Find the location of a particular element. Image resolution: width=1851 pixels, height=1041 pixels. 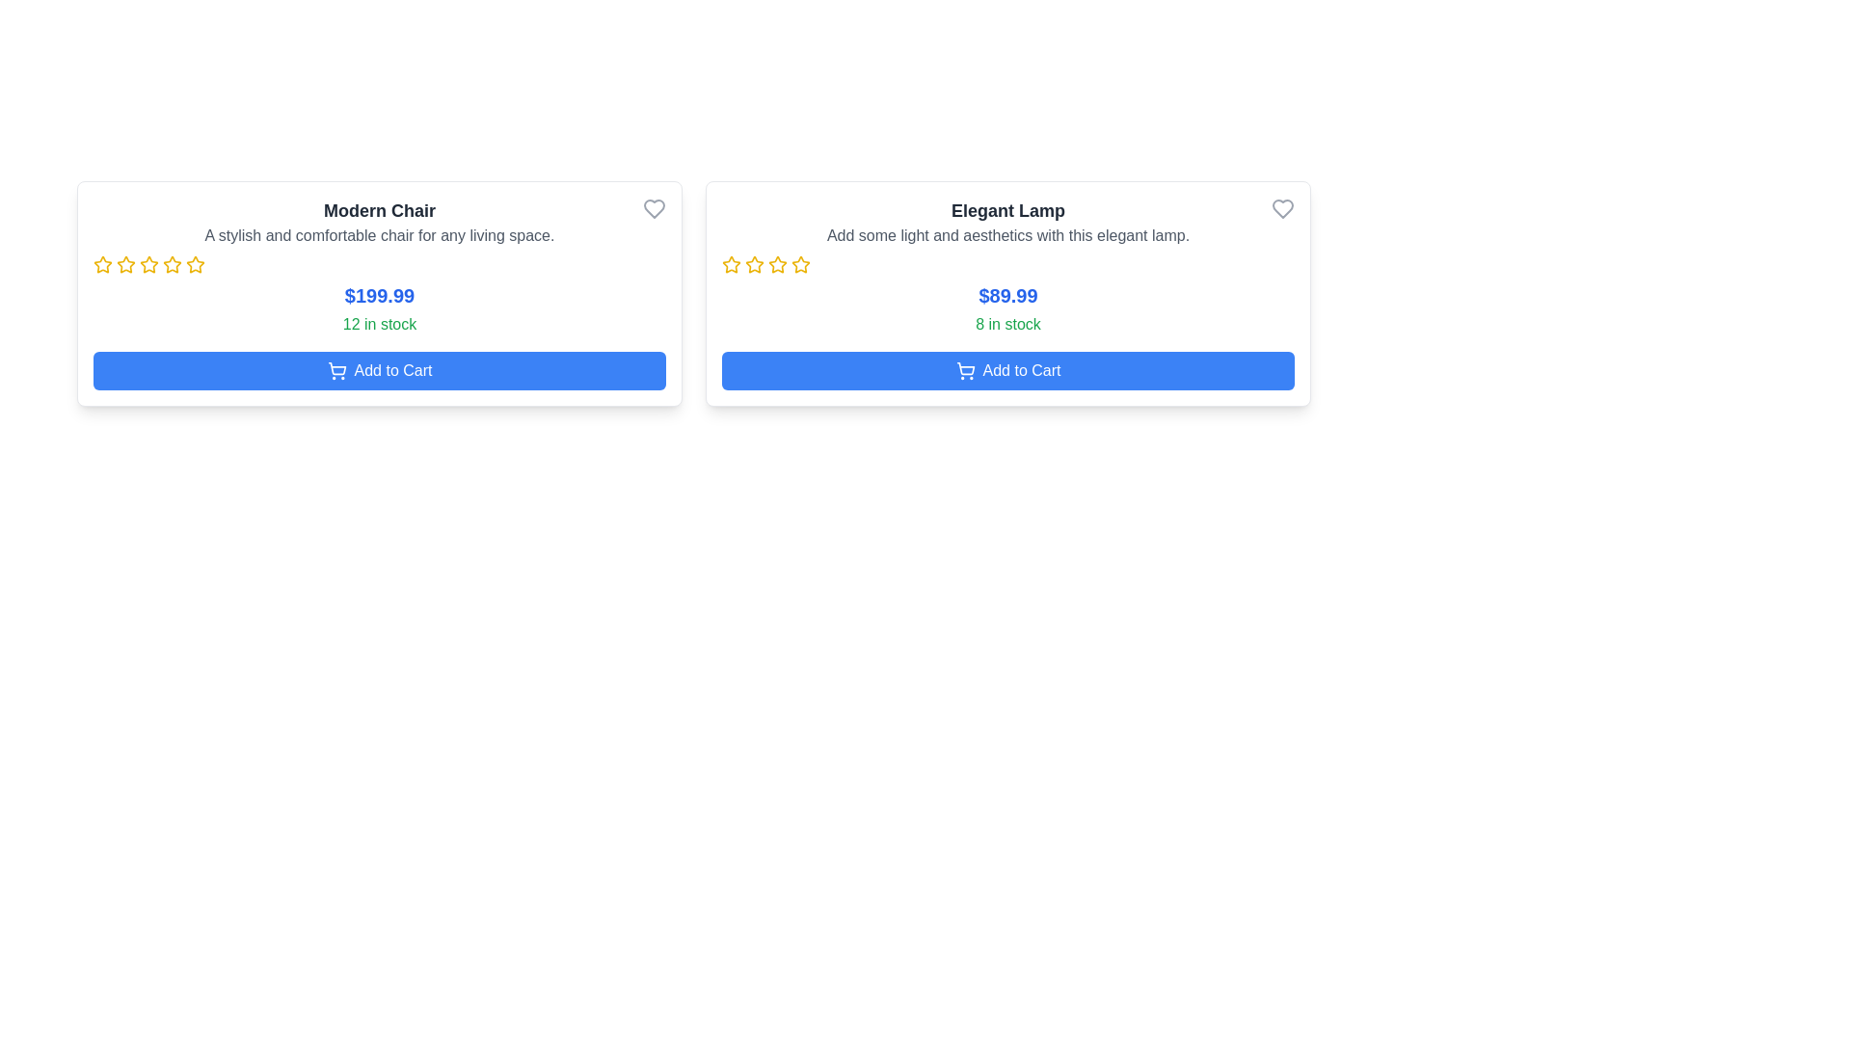

the second star icon in the five-star rating component for the 'Modern Chair' product card, which is highlighted with a yellow border and has an empty center is located at coordinates (124, 264).